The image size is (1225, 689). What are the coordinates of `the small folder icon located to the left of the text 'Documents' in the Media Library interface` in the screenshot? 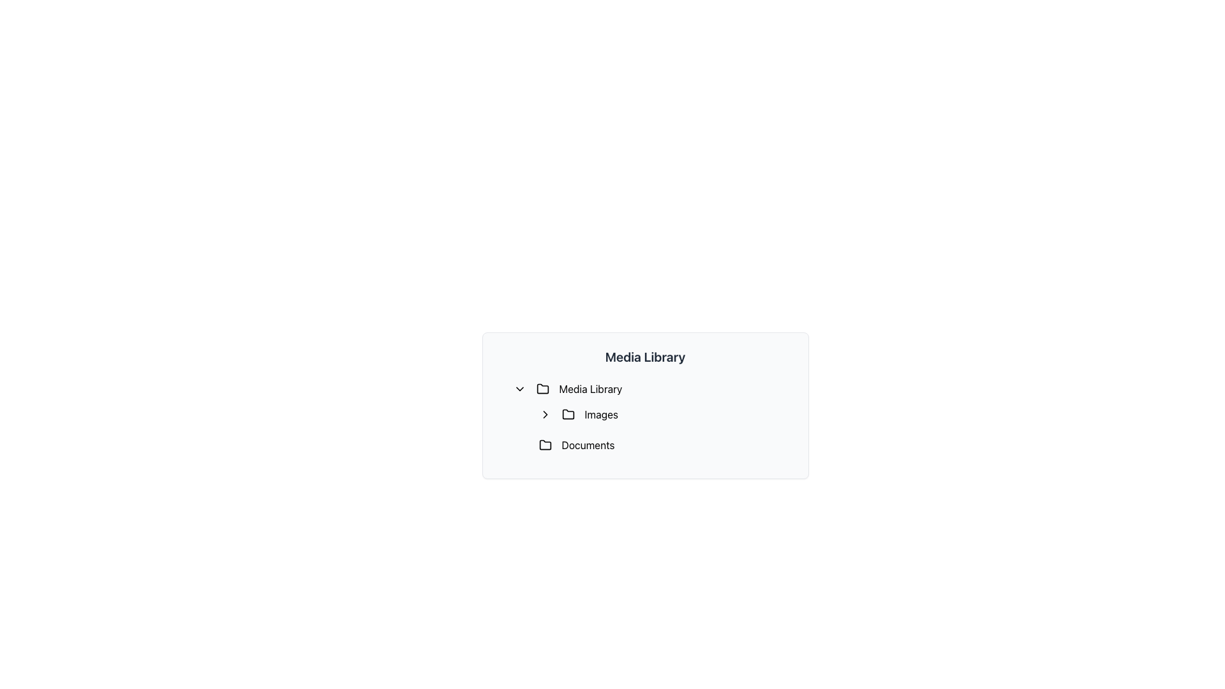 It's located at (545, 444).